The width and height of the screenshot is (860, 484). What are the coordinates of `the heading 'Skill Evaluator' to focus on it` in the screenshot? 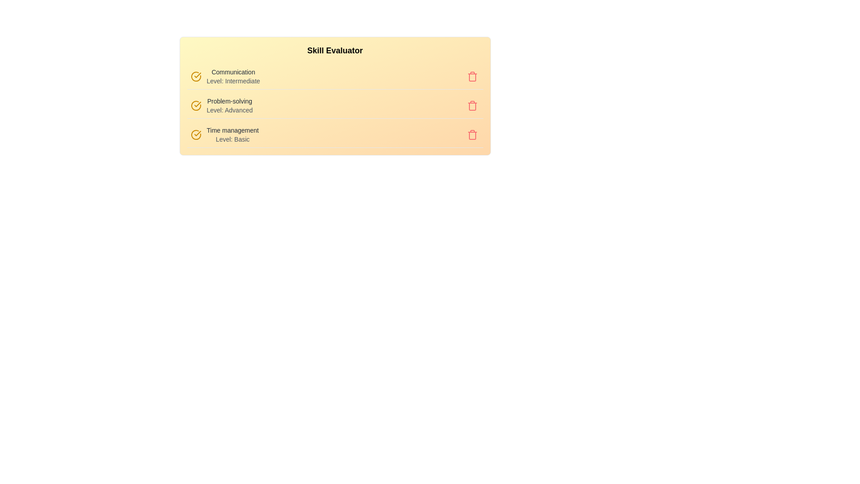 It's located at (335, 50).